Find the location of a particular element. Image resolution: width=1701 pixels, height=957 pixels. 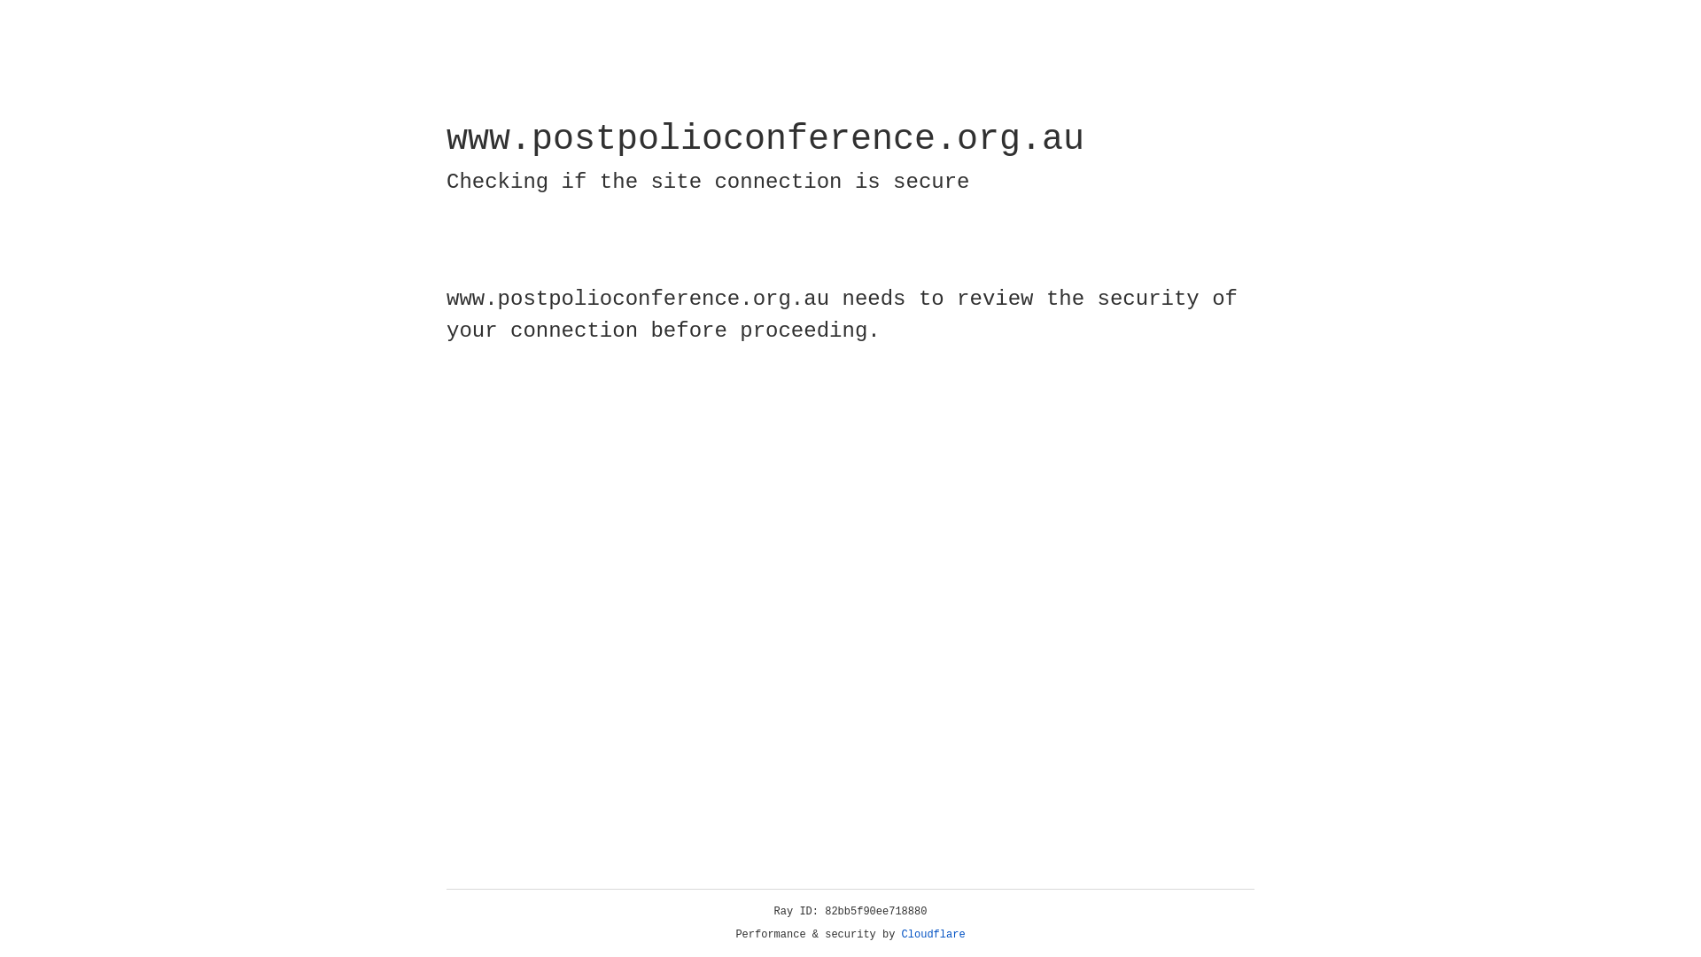

'Cloudflare' is located at coordinates (933, 934).